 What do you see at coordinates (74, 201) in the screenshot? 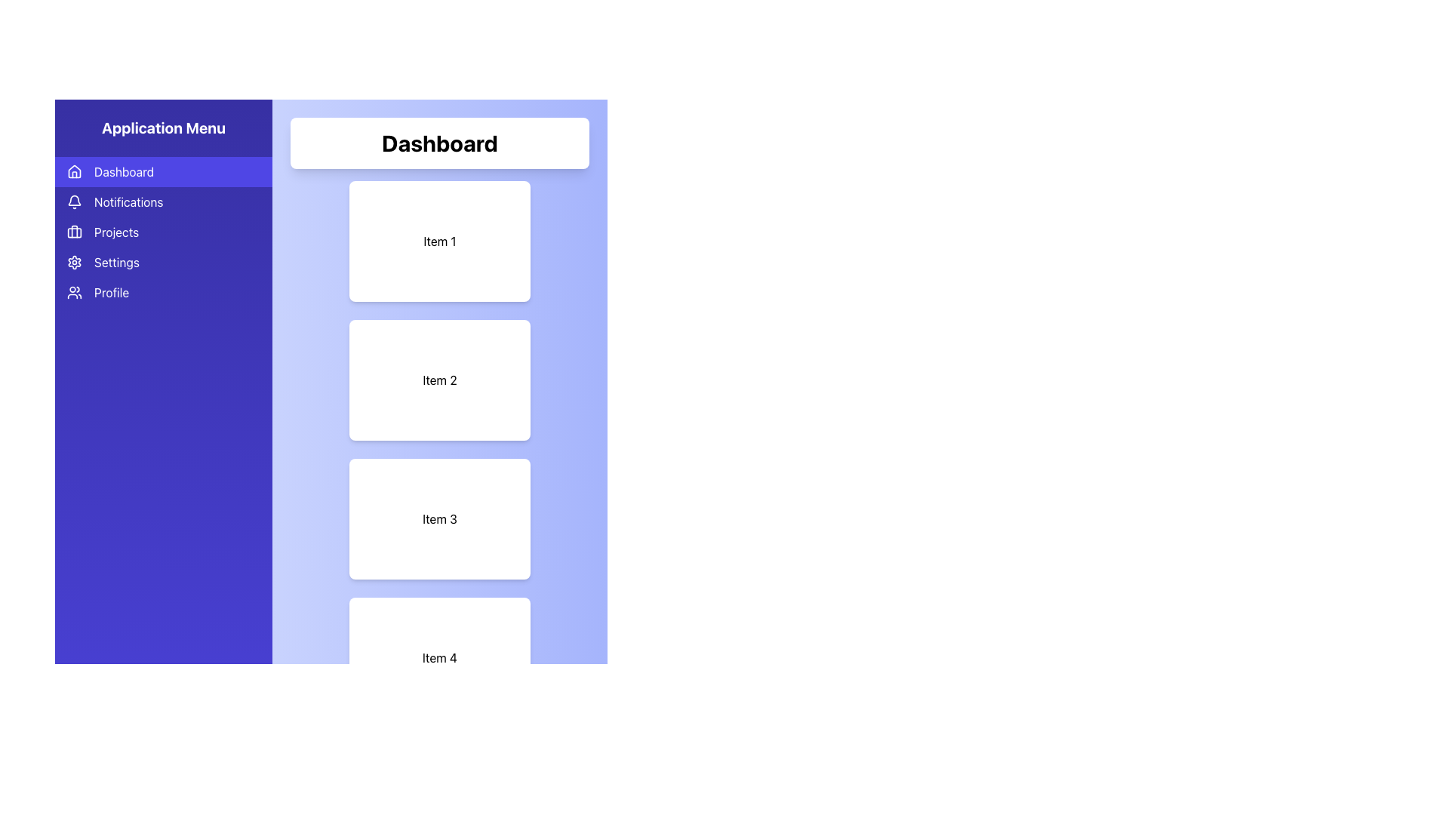
I see `the bell-shaped icon symbolizing notifications, which is located within the 'Notifications' menu item in the sidebar` at bounding box center [74, 201].